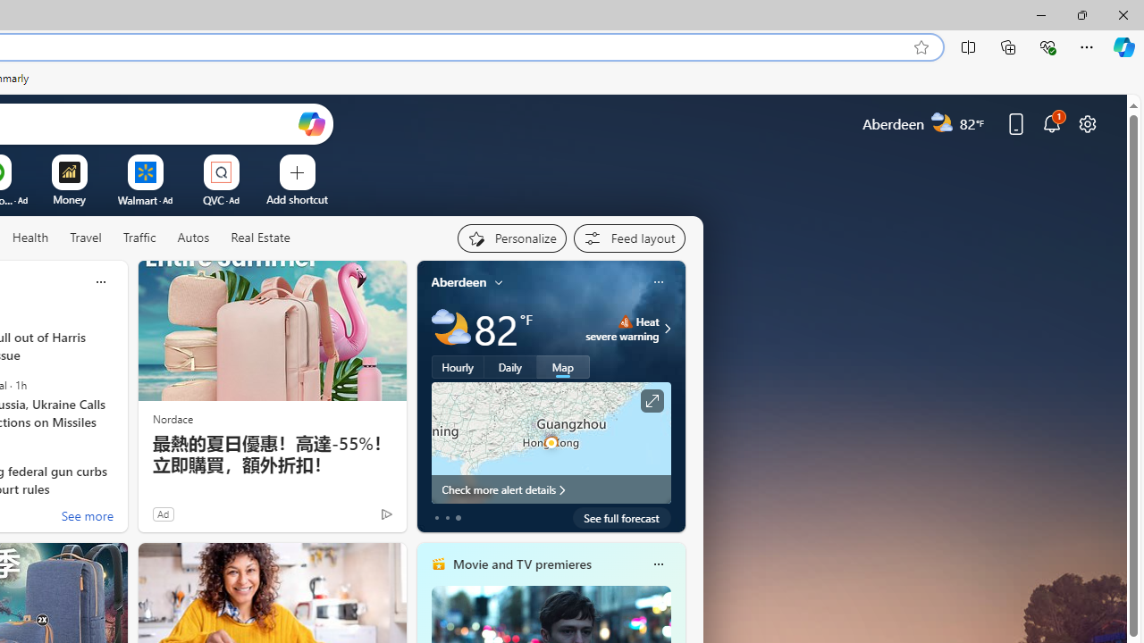  Describe the element at coordinates (562, 366) in the screenshot. I see `'Map'` at that location.